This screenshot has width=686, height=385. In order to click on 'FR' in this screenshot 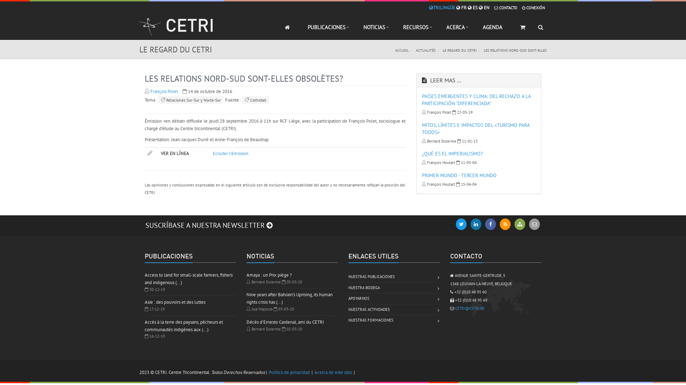, I will do `click(461, 7)`.